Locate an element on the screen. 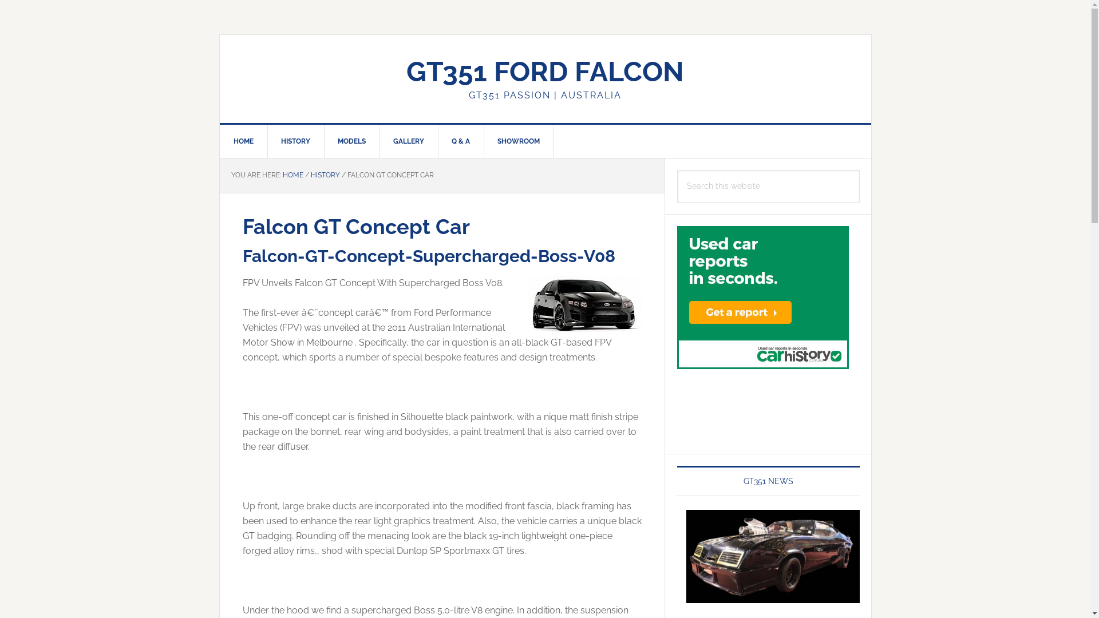 The height and width of the screenshot is (618, 1099). 'HISTORY' is located at coordinates (324, 175).